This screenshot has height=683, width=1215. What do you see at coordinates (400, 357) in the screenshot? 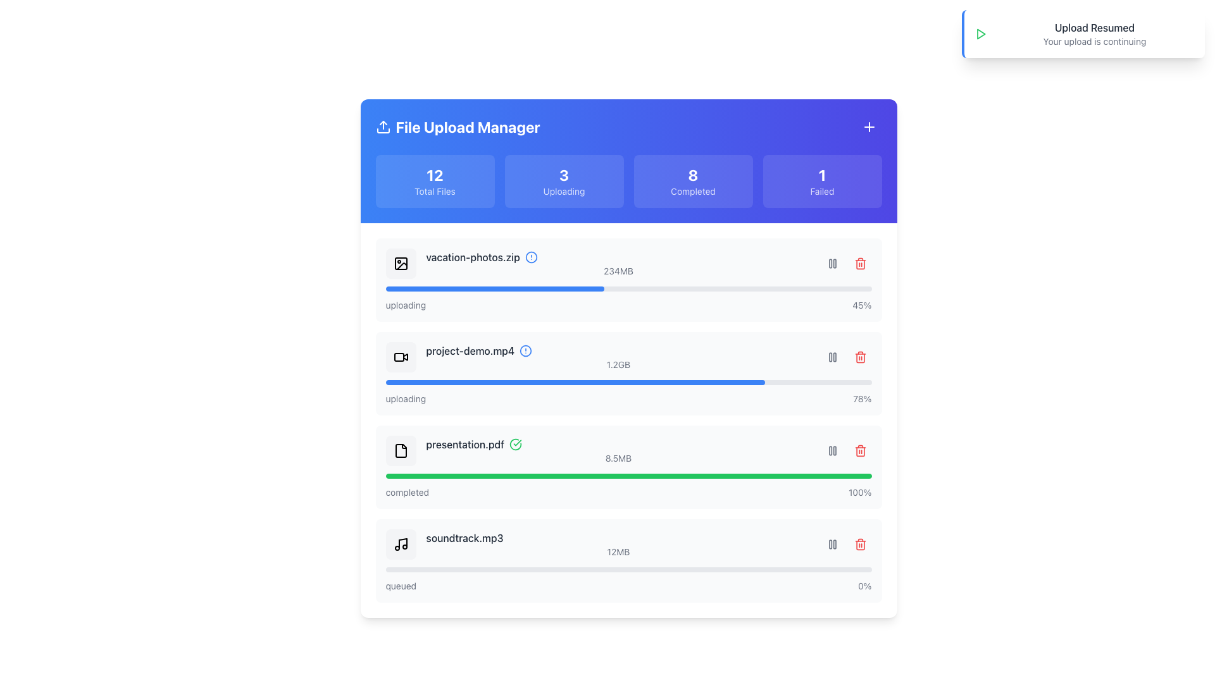
I see `the small, square icon with rounded corners featuring a white video camera symbol, located in the second row of the file list in the File Upload Manager interface, to the left of 'project-demo.mp4'` at bounding box center [400, 357].